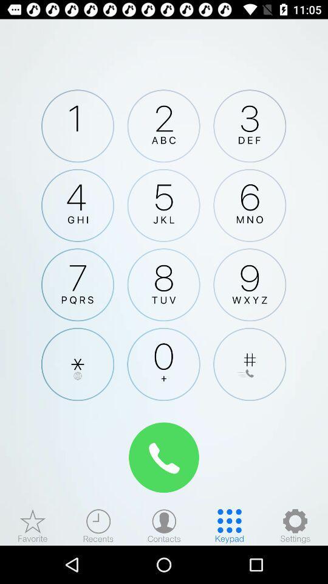 The height and width of the screenshot is (584, 328). Describe the element at coordinates (98, 525) in the screenshot. I see `the time icon` at that location.